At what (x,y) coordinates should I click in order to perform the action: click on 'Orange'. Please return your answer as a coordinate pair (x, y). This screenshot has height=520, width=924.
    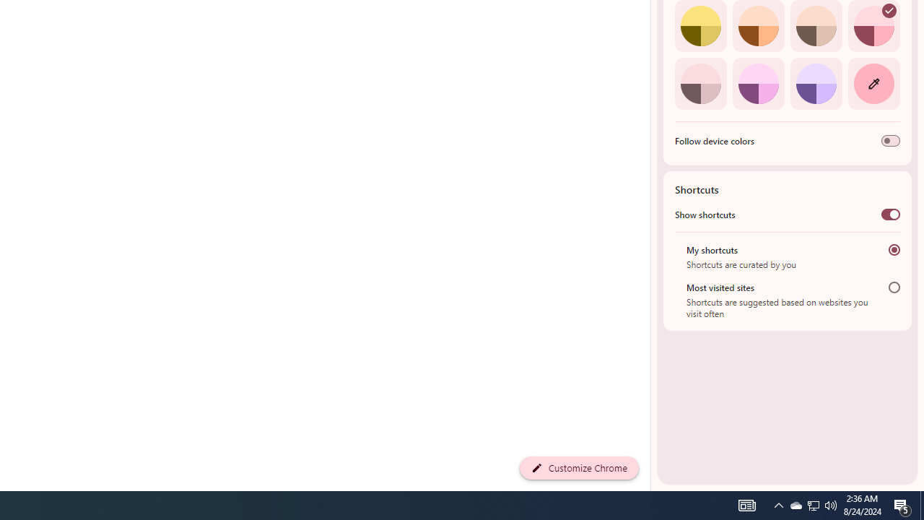
    Looking at the image, I should click on (757, 26).